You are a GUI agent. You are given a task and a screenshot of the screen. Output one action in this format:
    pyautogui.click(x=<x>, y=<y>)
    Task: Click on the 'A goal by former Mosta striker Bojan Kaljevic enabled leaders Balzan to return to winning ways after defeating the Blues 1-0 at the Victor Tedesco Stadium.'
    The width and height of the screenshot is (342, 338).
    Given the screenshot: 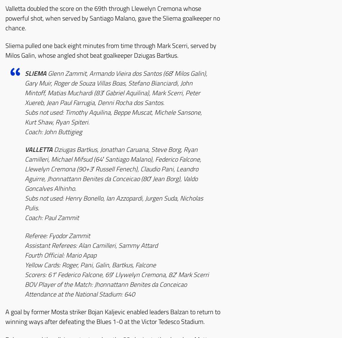 What is the action you would take?
    pyautogui.click(x=112, y=316)
    